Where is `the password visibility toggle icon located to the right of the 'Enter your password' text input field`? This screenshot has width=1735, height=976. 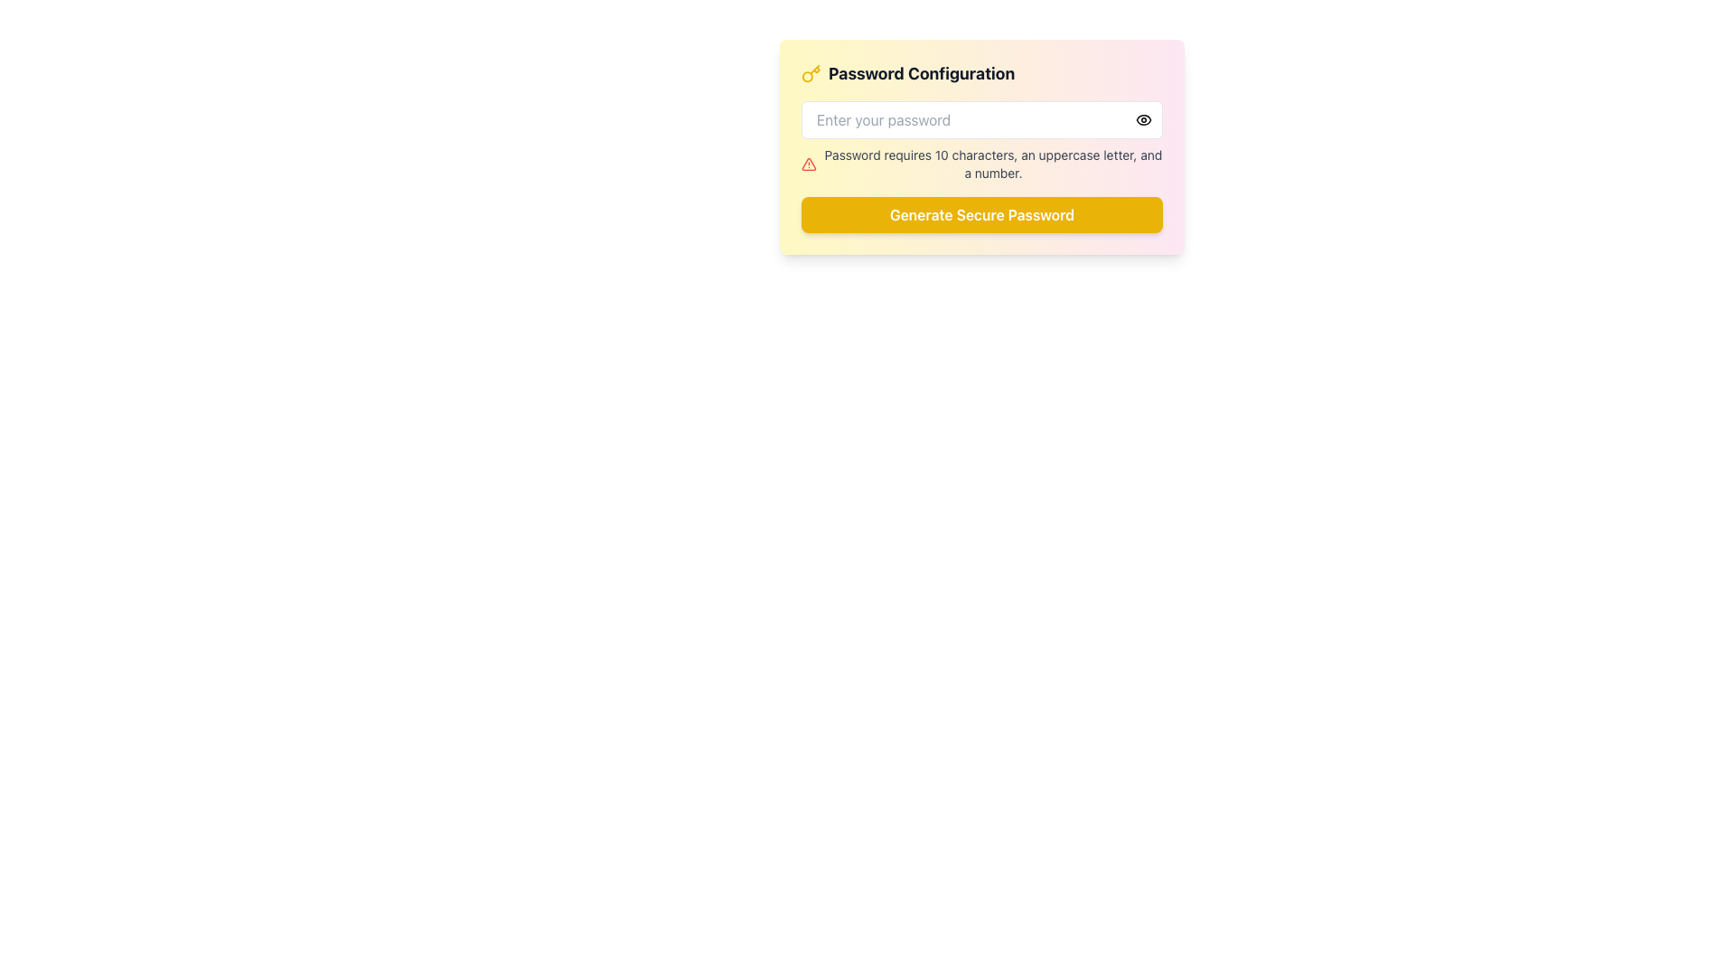
the password visibility toggle icon located to the right of the 'Enter your password' text input field is located at coordinates (1143, 119).